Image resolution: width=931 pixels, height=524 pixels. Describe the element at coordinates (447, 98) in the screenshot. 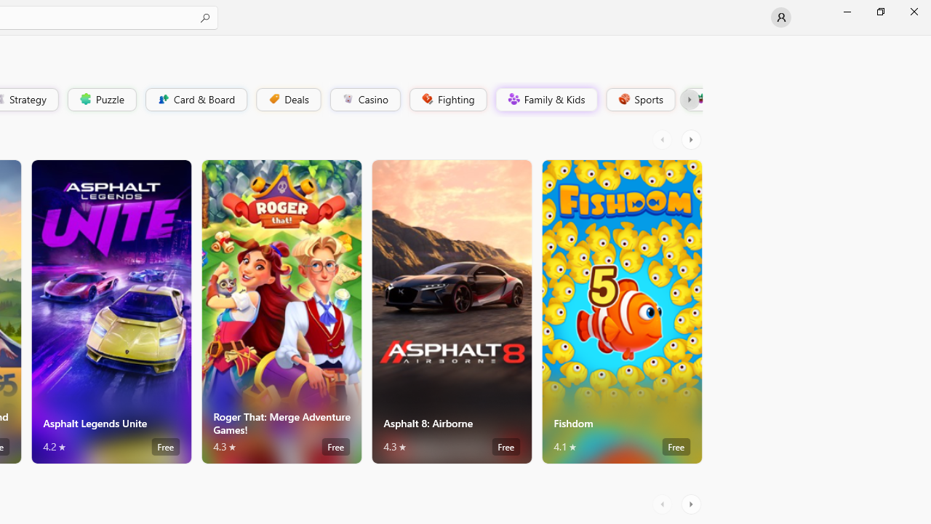

I see `'Fighting'` at that location.